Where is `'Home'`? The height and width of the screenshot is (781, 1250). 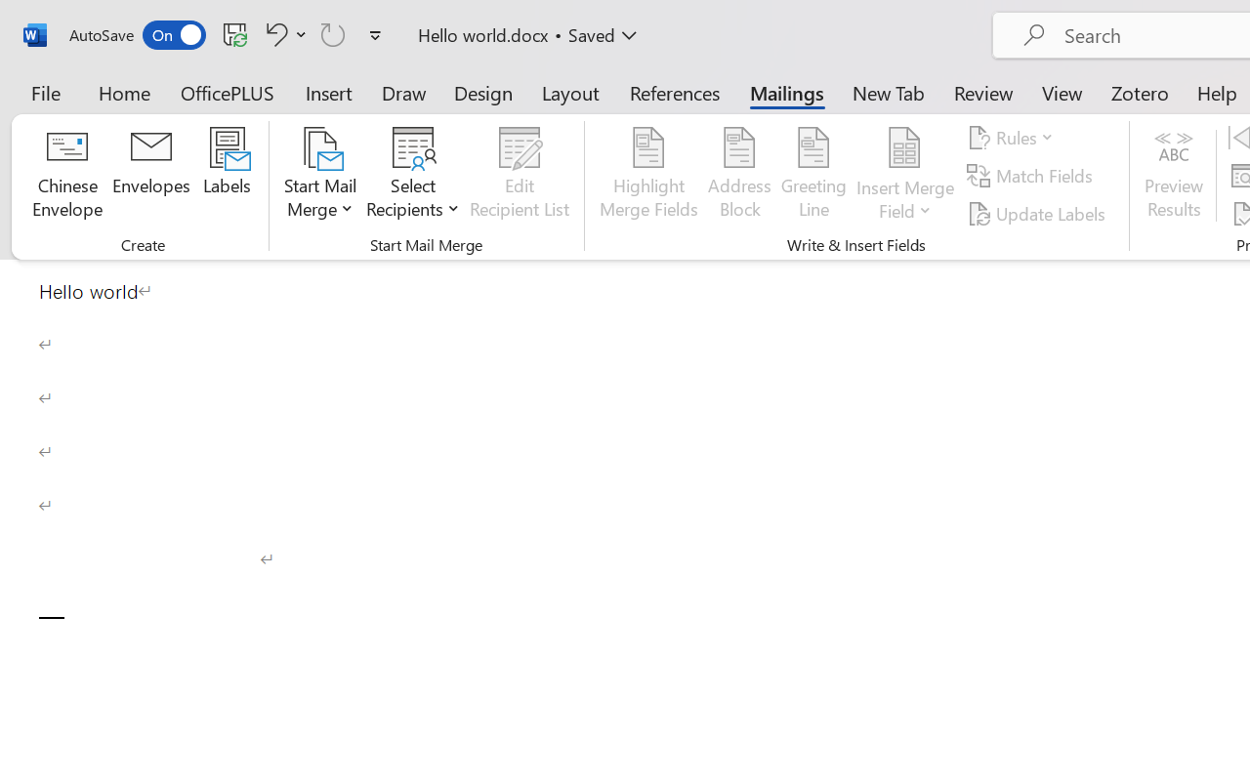 'Home' is located at coordinates (124, 92).